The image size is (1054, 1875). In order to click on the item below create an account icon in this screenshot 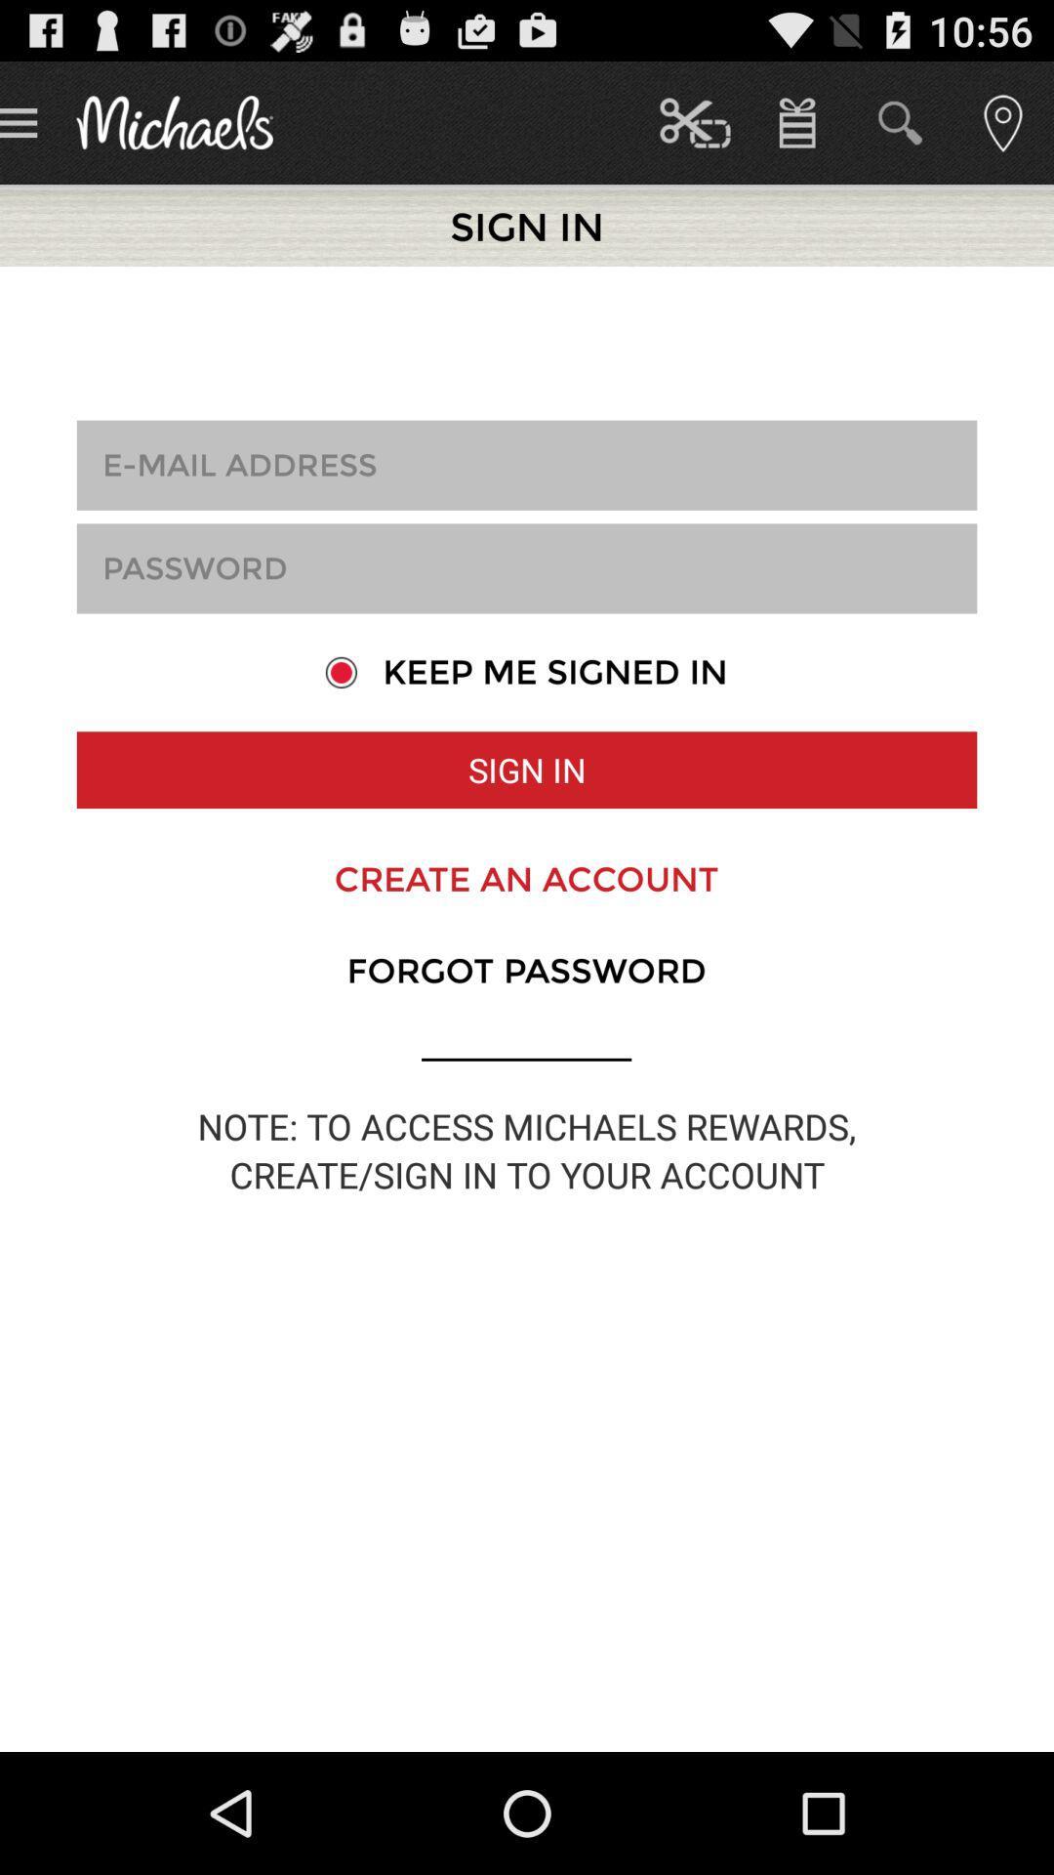, I will do `click(525, 971)`.